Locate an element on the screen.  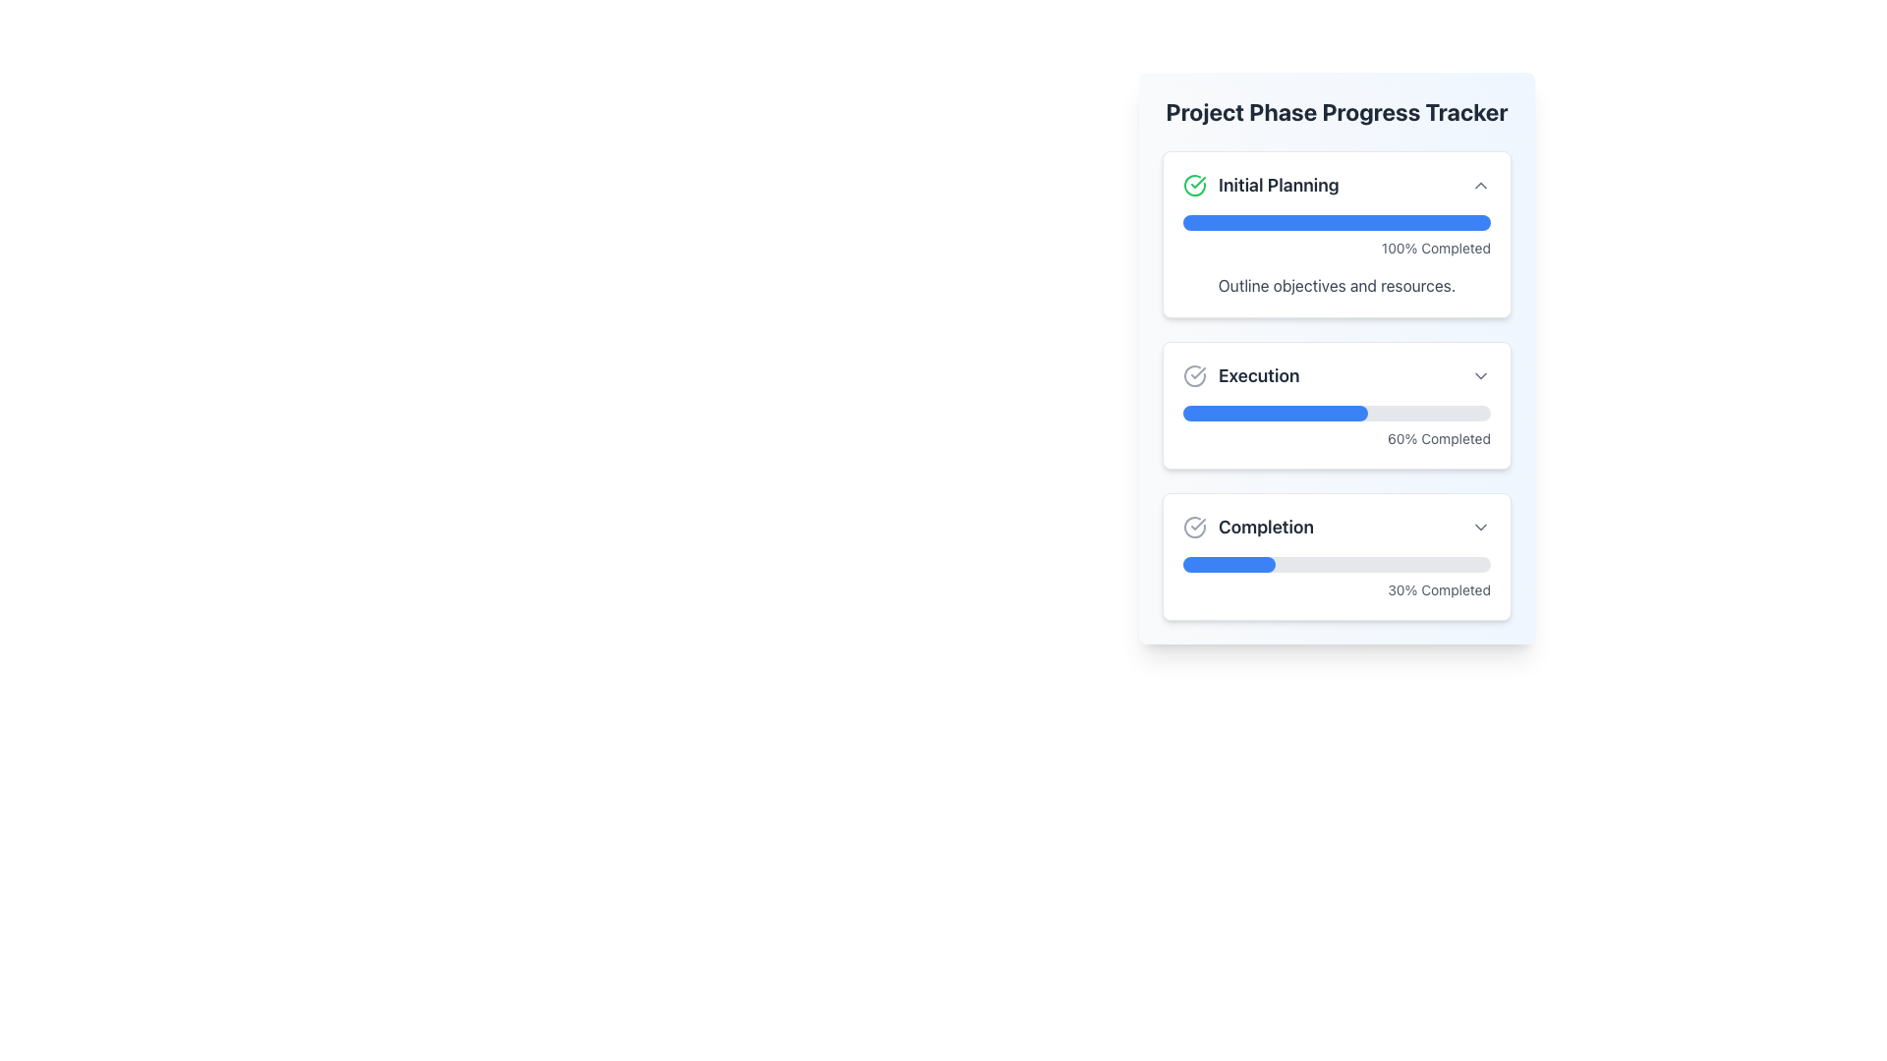
the completion indicator icon is located at coordinates (1193, 186).